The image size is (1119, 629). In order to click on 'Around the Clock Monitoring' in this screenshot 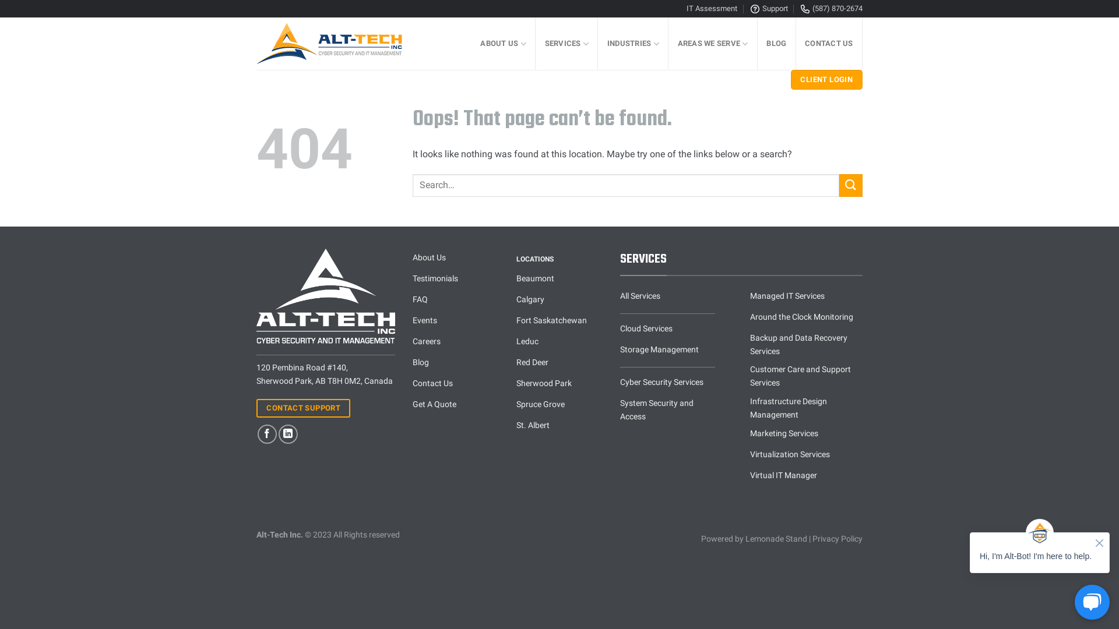, I will do `click(805, 318)`.